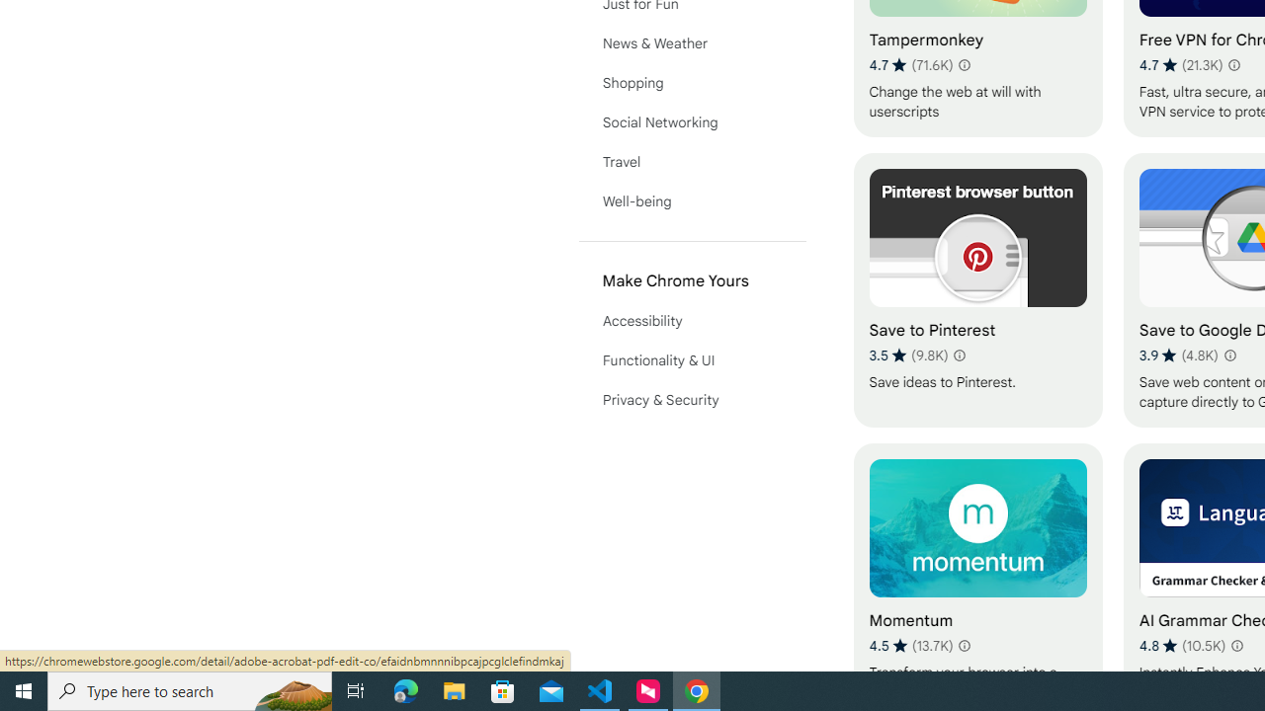 The height and width of the screenshot is (711, 1265). What do you see at coordinates (692, 360) in the screenshot?
I see `'Functionality & UI'` at bounding box center [692, 360].